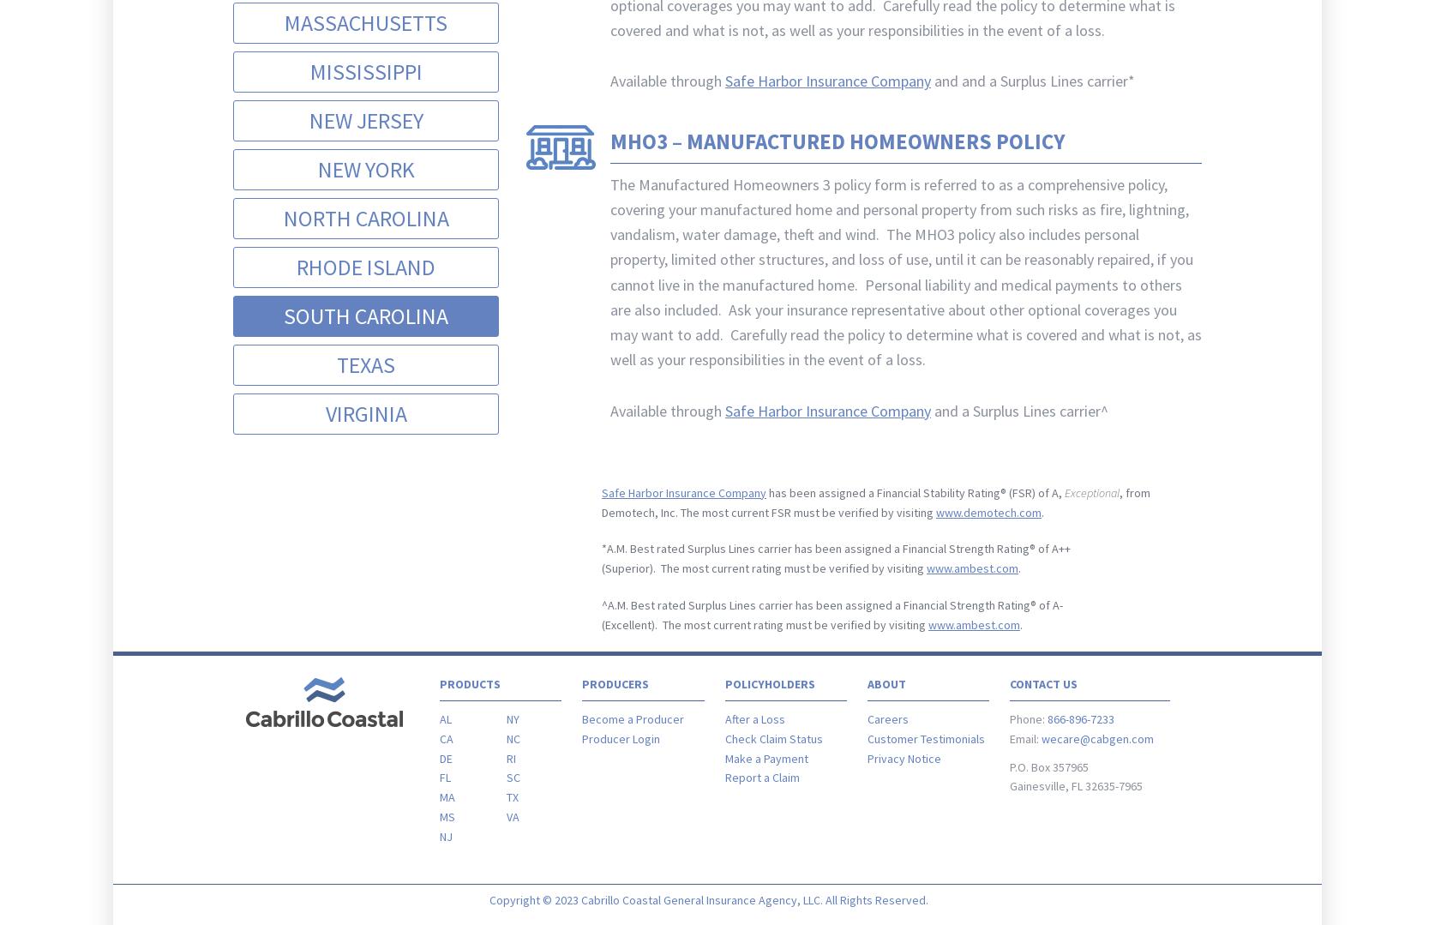  What do you see at coordinates (364, 69) in the screenshot?
I see `'Mississippi'` at bounding box center [364, 69].